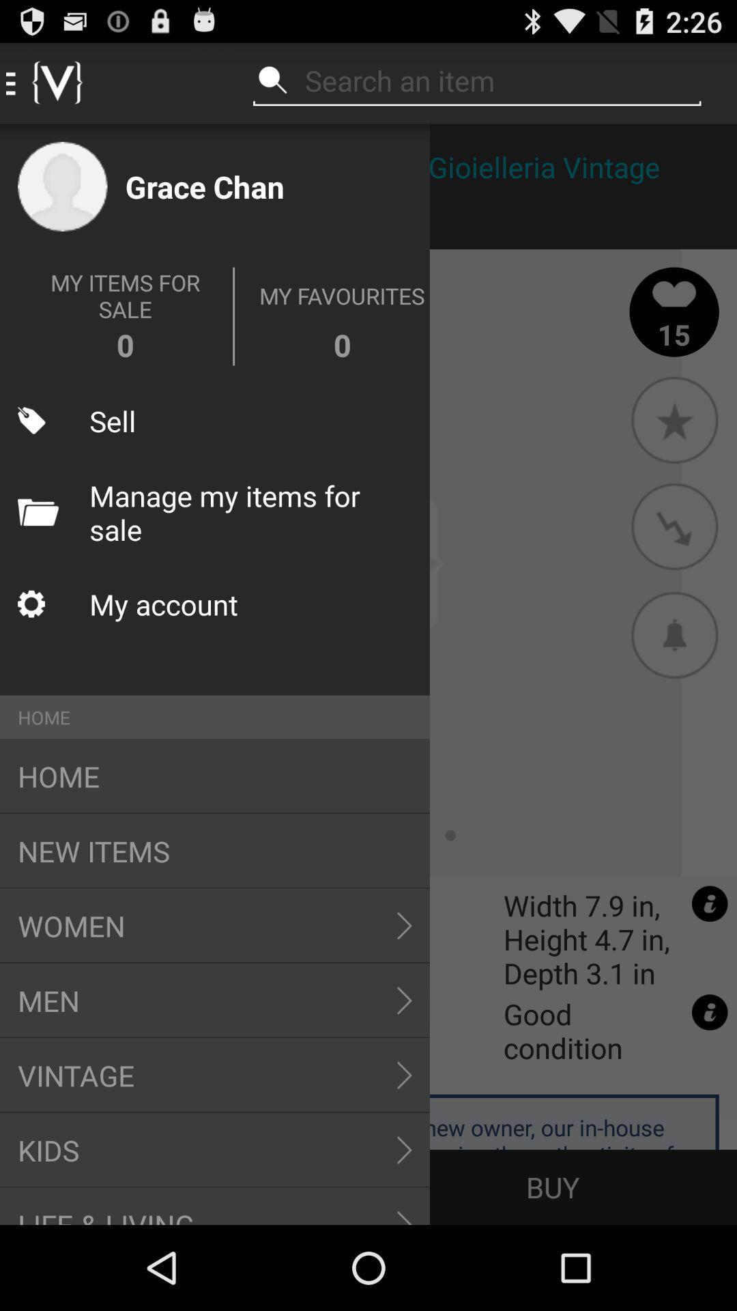  I want to click on the notifications icon, so click(674, 679).